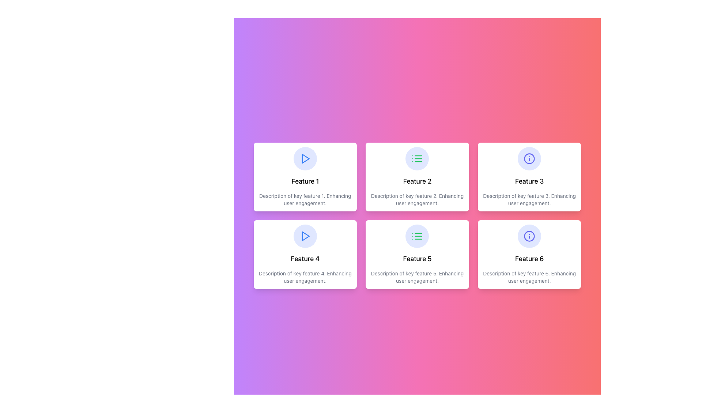 The height and width of the screenshot is (395, 702). What do you see at coordinates (417, 236) in the screenshot?
I see `the list or categorization icon located in the center of the second row of a 3x2 grid layout within the card labeled 'Feature 5'` at bounding box center [417, 236].